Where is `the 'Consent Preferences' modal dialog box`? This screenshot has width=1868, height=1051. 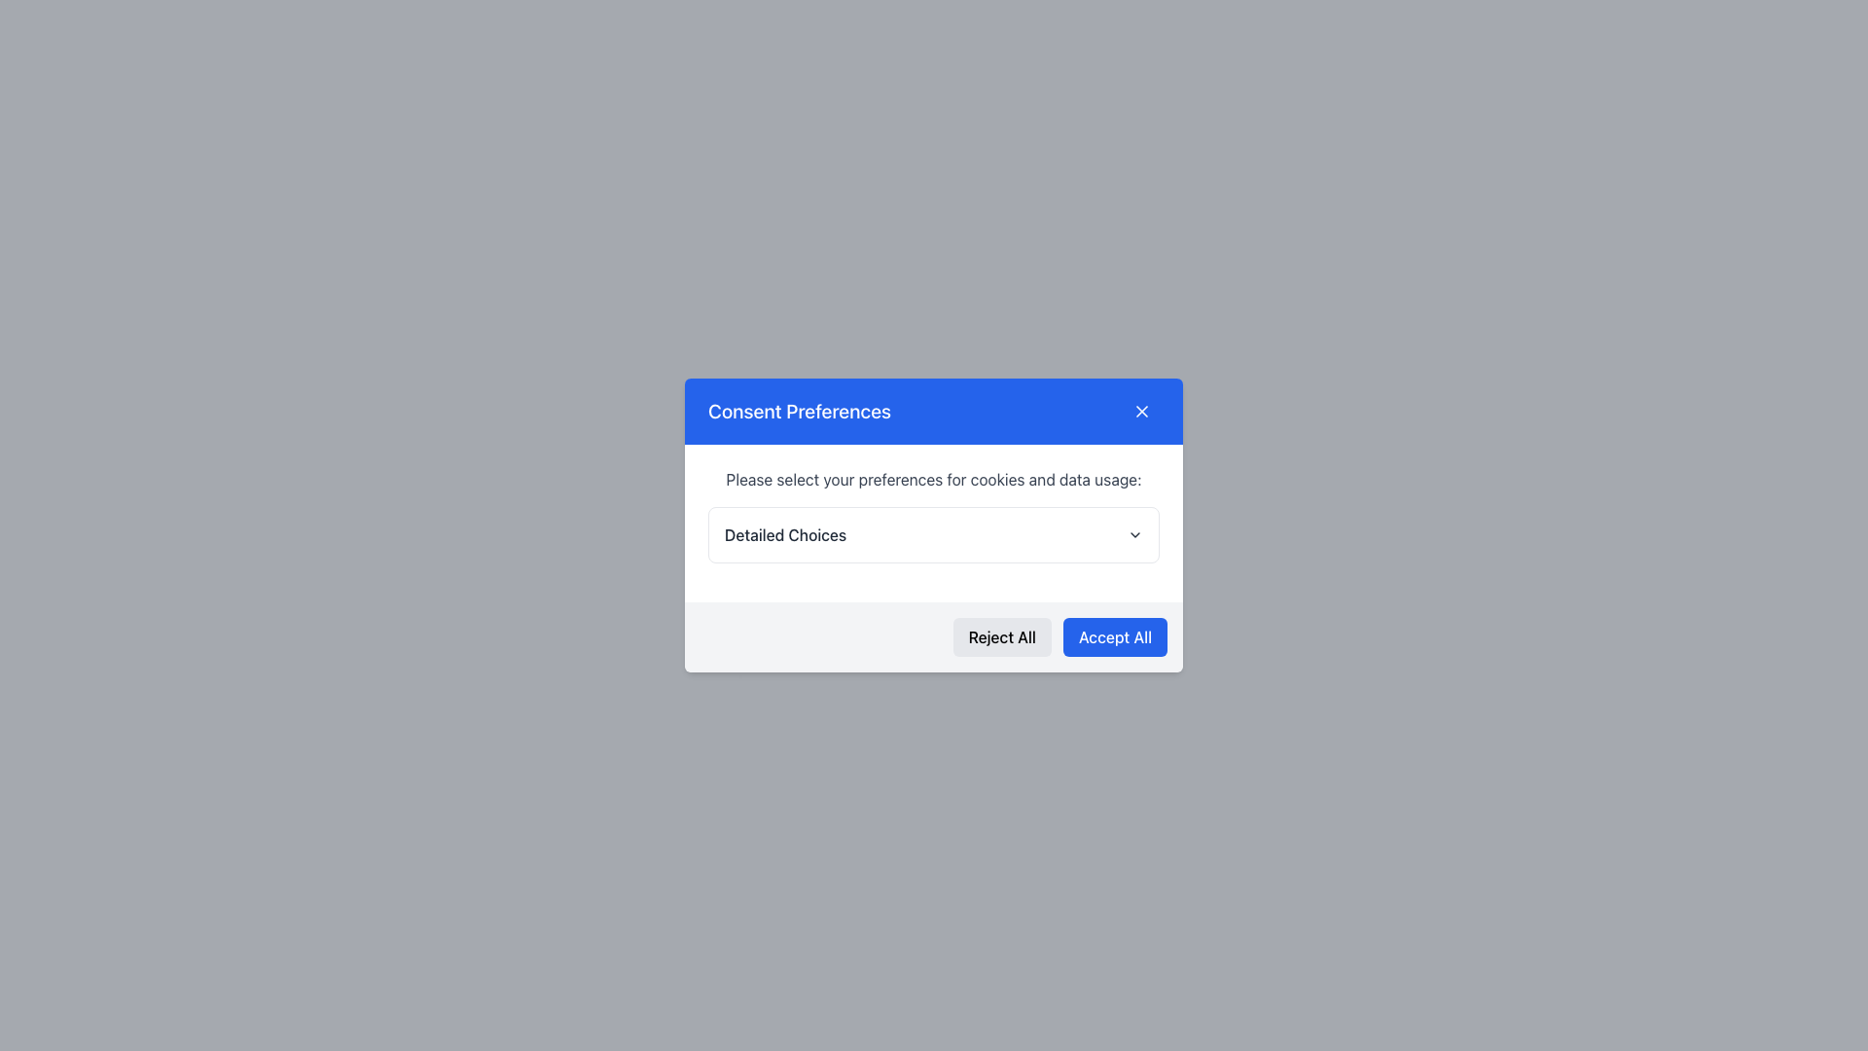 the 'Consent Preferences' modal dialog box is located at coordinates (934, 525).